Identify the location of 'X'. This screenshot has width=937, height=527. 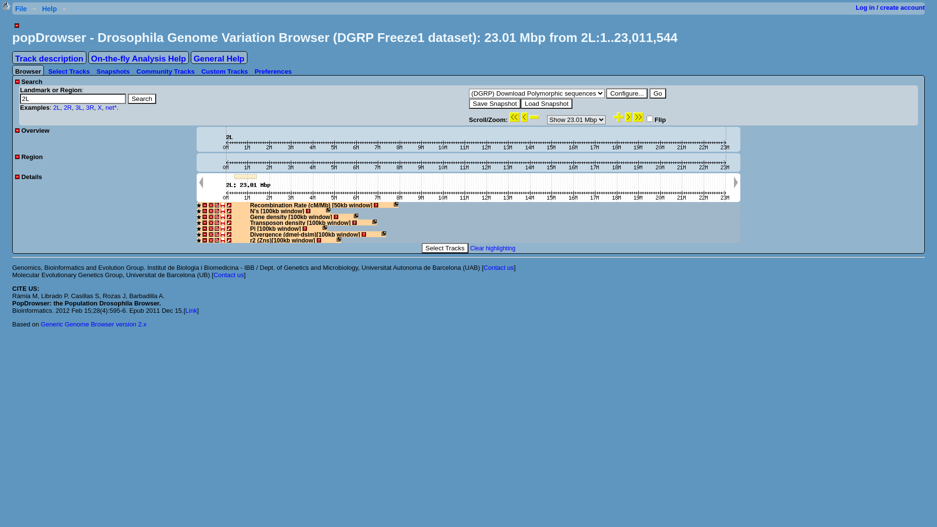
(100, 107).